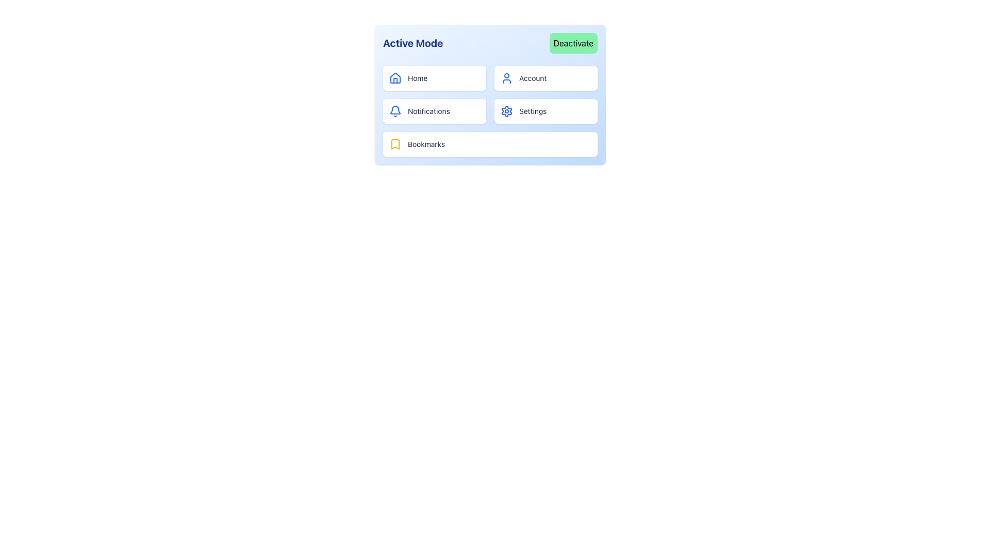 The height and width of the screenshot is (557, 990). Describe the element at coordinates (428, 111) in the screenshot. I see `text label that contains the word 'Notifications', which is styled in a small font size and gray color, located adjacent to a bell icon` at that location.